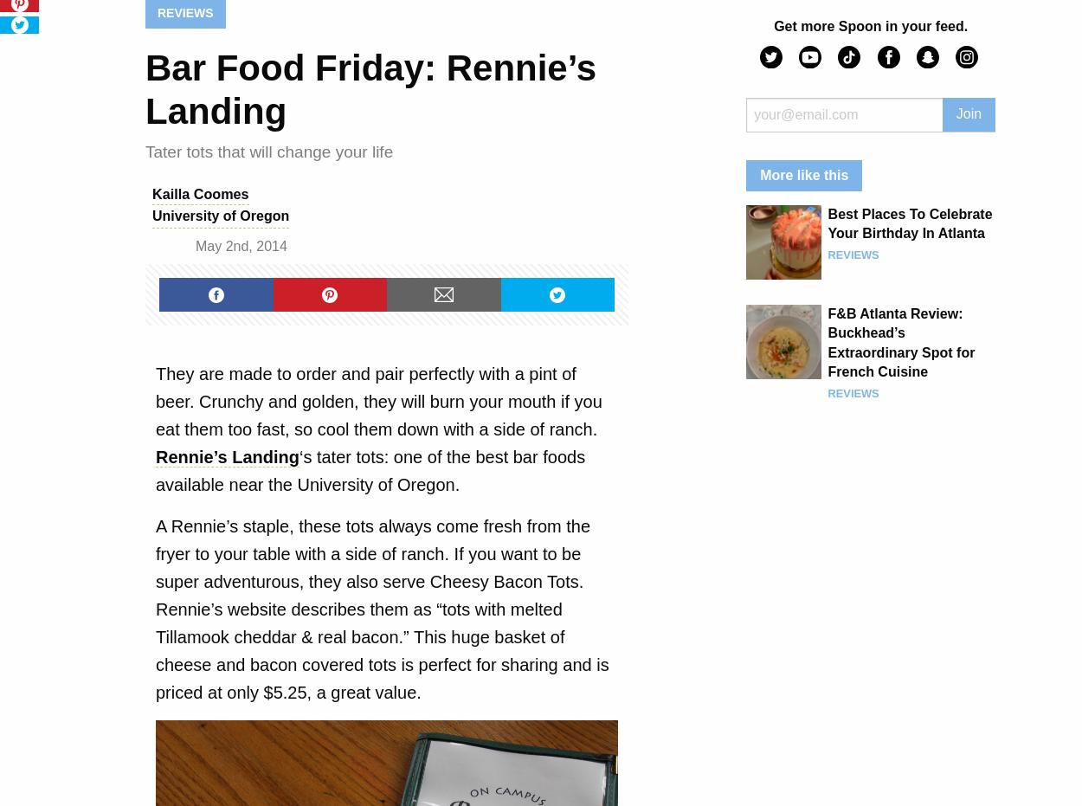 This screenshot has height=806, width=1082. Describe the element at coordinates (220, 216) in the screenshot. I see `'University of Oregon'` at that location.